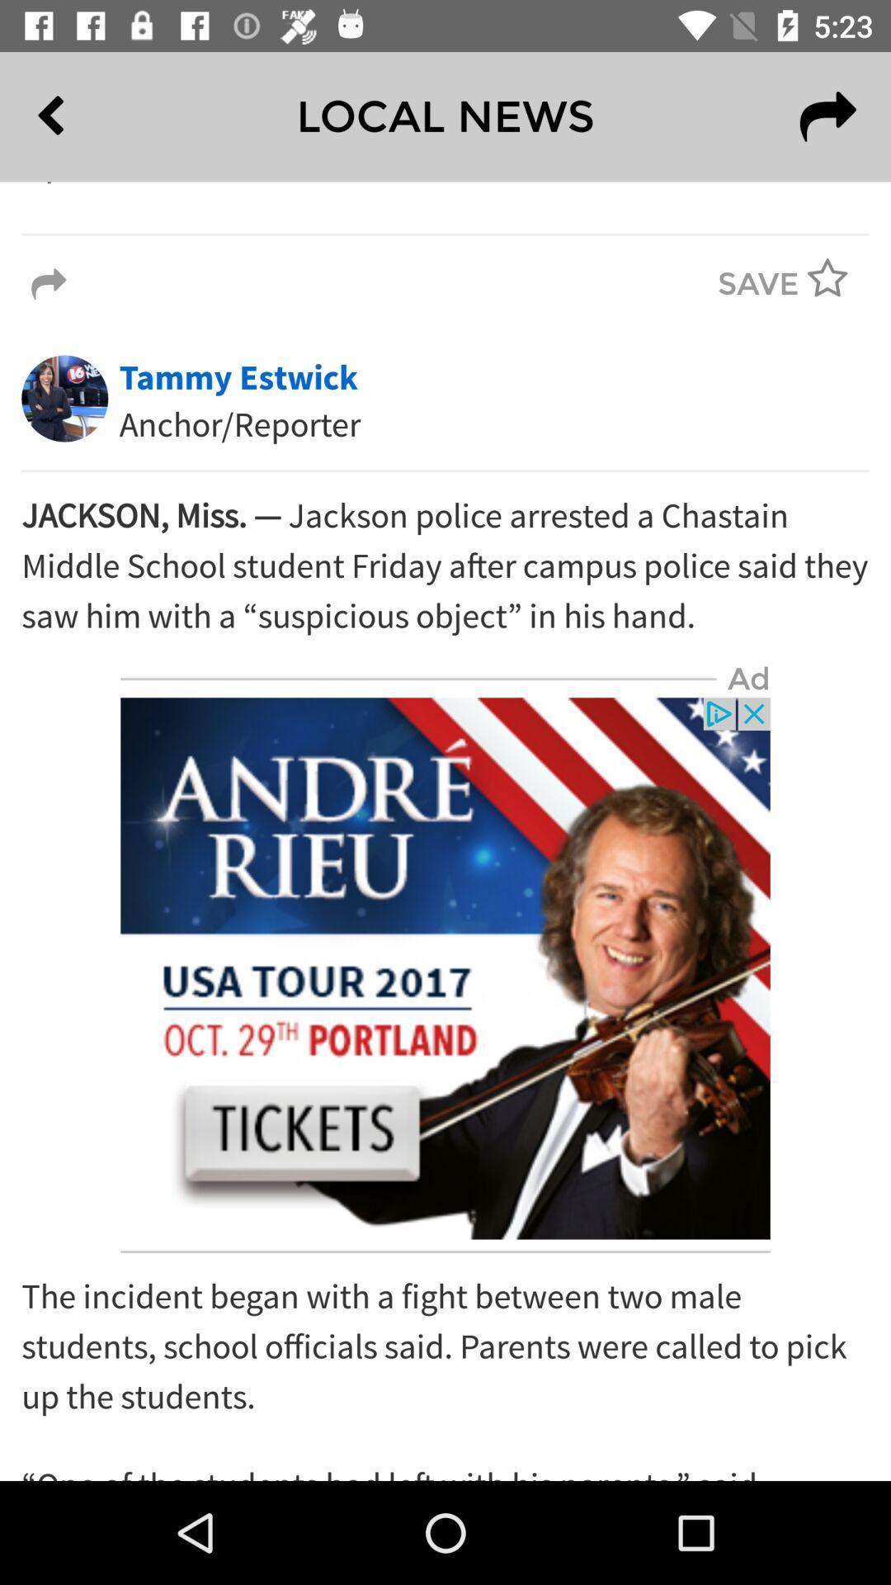 Image resolution: width=891 pixels, height=1585 pixels. I want to click on the redo icon, so click(827, 116).